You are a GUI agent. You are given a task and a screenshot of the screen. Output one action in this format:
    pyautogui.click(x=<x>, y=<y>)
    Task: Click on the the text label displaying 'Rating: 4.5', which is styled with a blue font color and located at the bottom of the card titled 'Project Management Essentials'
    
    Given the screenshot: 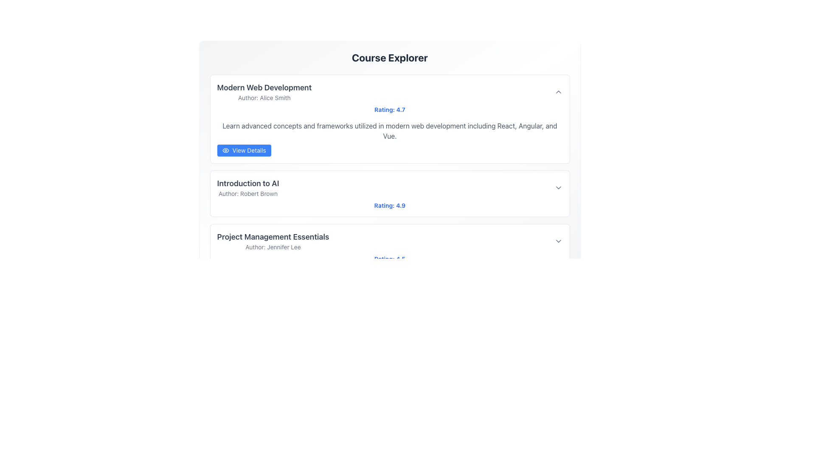 What is the action you would take?
    pyautogui.click(x=389, y=258)
    